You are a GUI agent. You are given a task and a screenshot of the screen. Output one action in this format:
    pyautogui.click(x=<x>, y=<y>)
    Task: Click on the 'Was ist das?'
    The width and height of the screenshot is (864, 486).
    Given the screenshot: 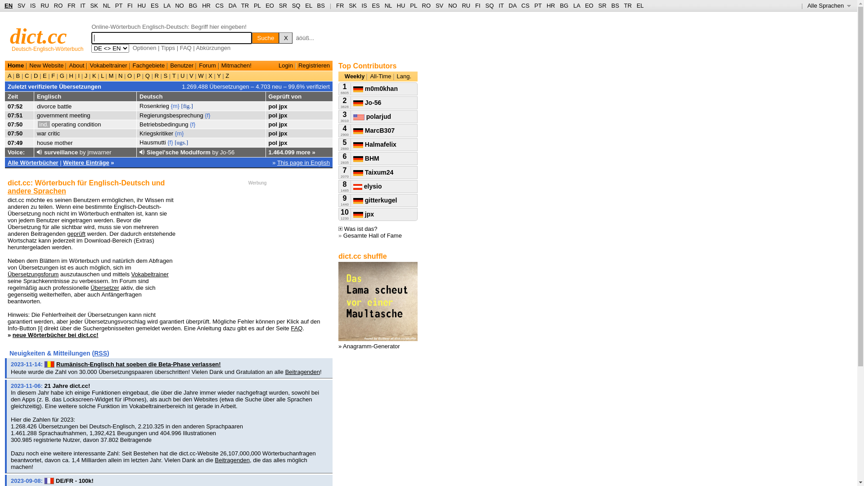 What is the action you would take?
    pyautogui.click(x=357, y=228)
    